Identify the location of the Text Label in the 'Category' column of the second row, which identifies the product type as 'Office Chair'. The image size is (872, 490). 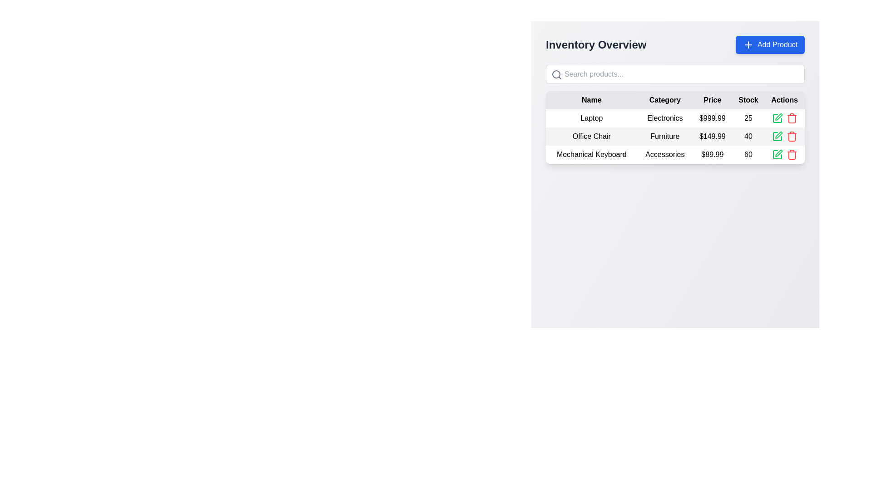
(665, 136).